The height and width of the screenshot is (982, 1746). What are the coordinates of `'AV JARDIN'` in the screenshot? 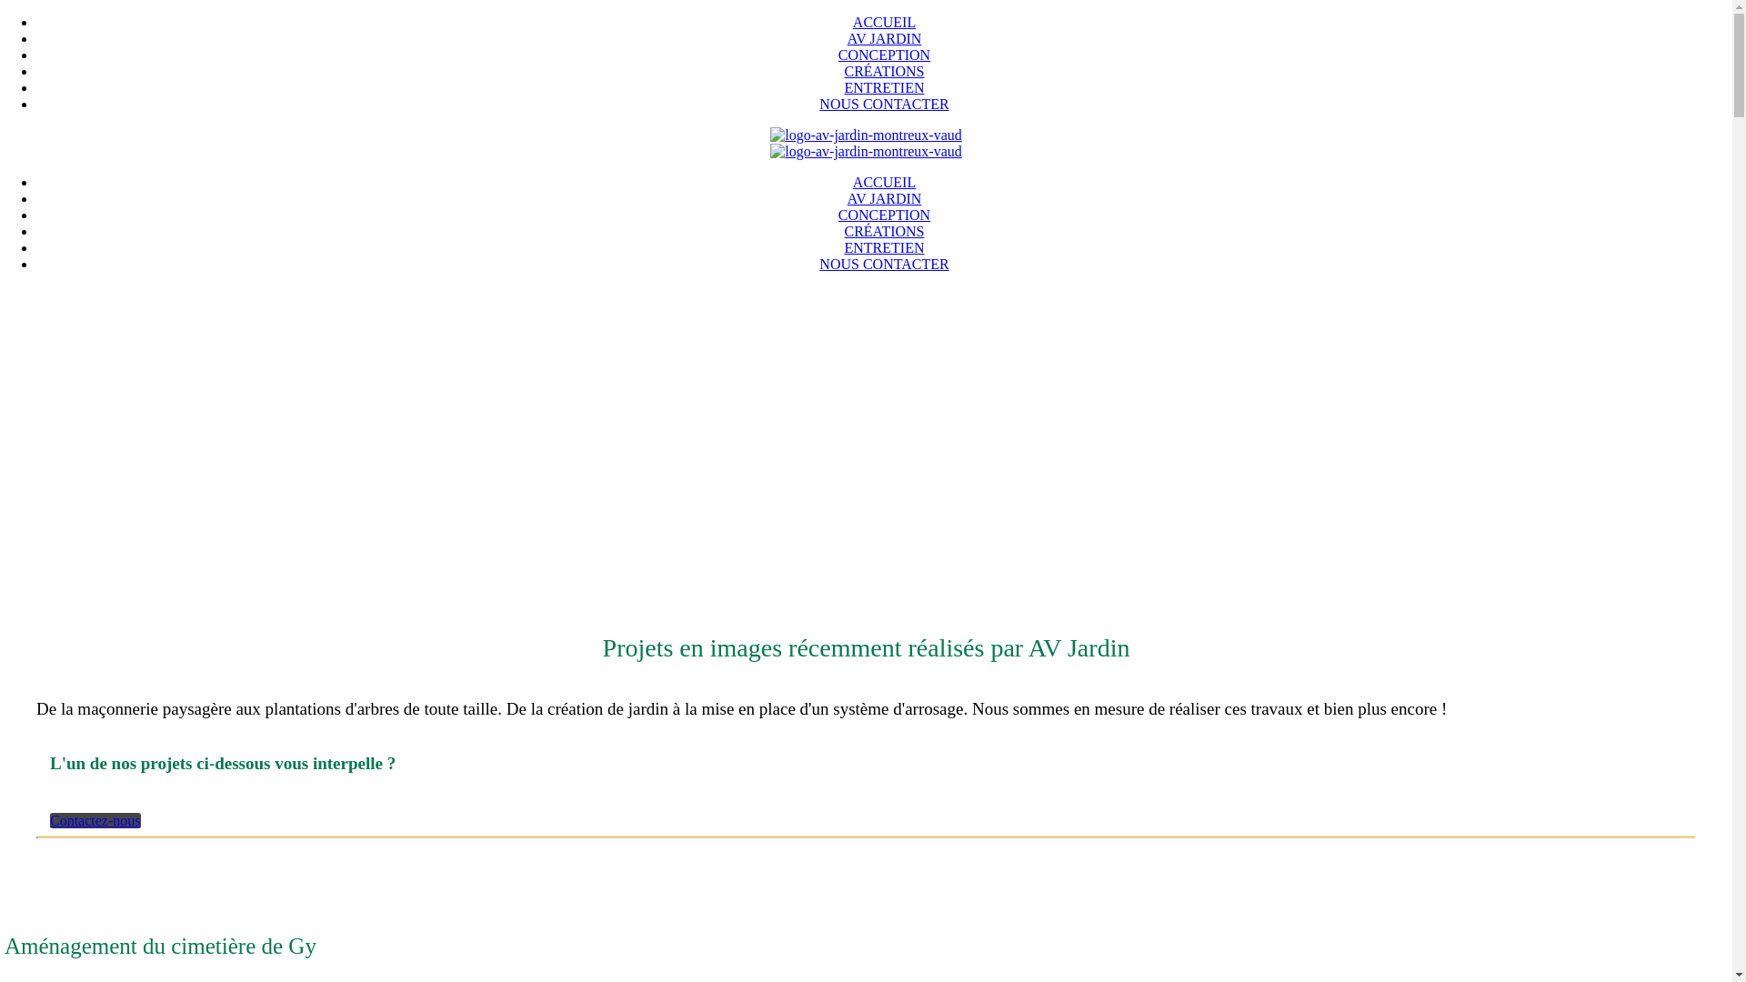 It's located at (885, 38).